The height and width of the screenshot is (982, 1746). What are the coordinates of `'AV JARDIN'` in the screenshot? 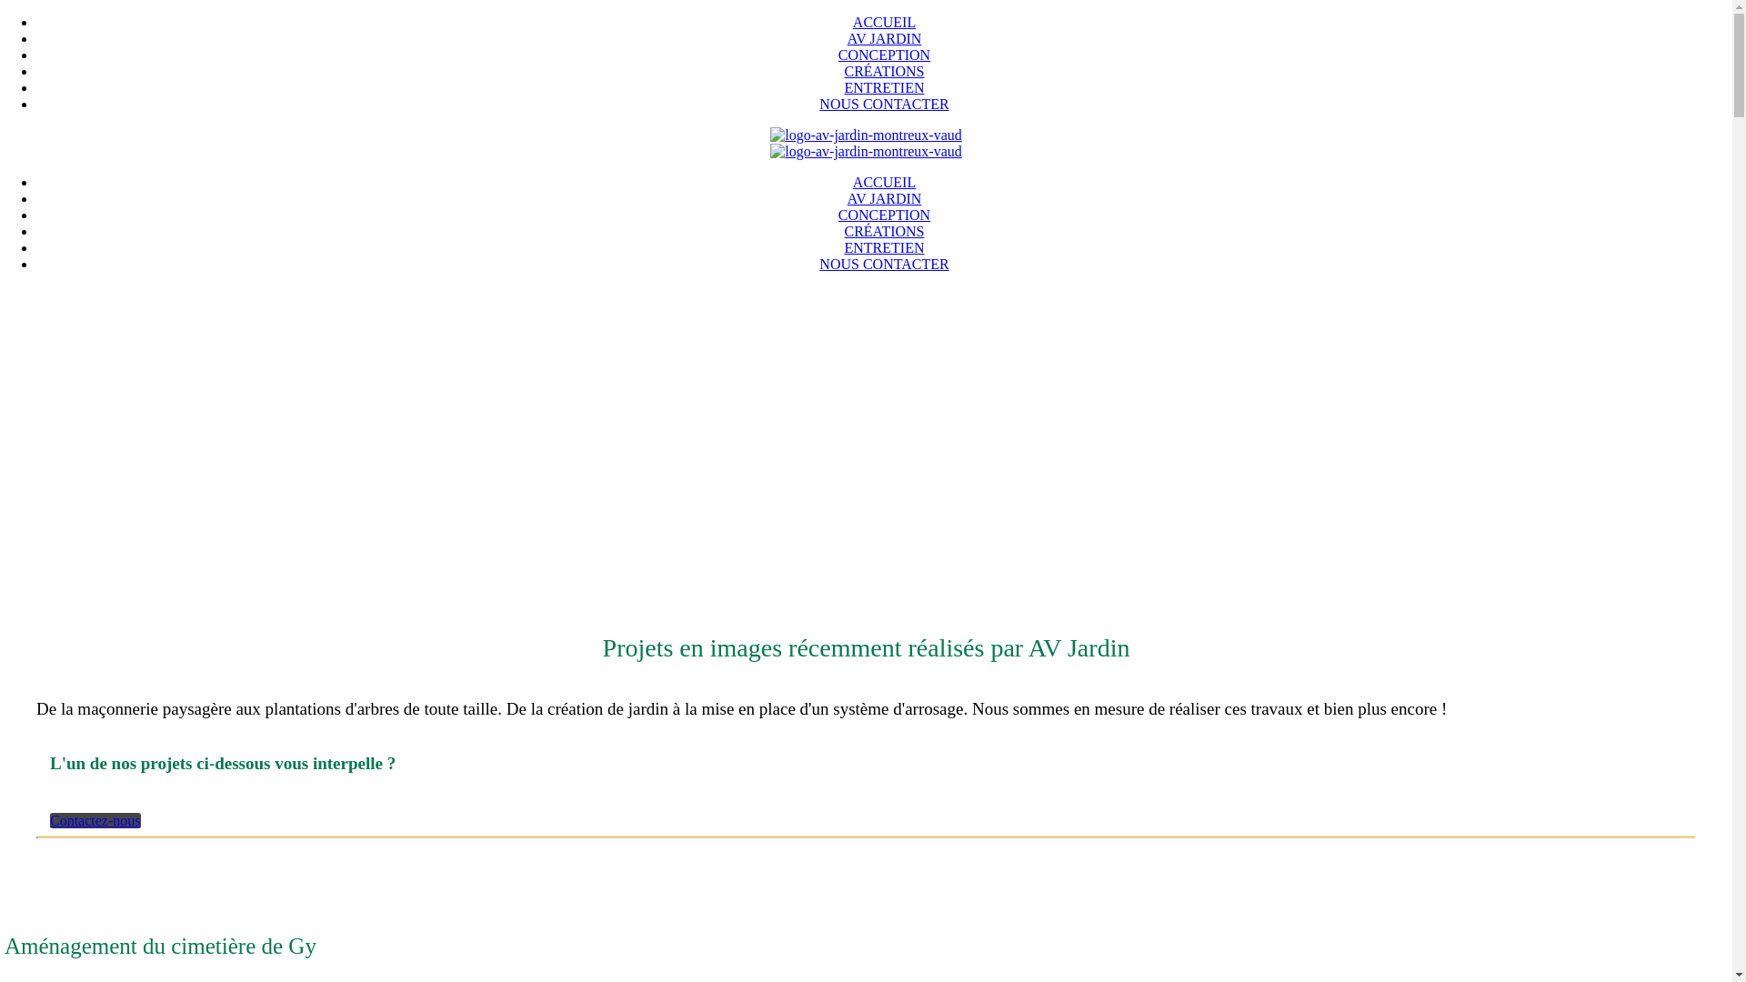 It's located at (885, 38).